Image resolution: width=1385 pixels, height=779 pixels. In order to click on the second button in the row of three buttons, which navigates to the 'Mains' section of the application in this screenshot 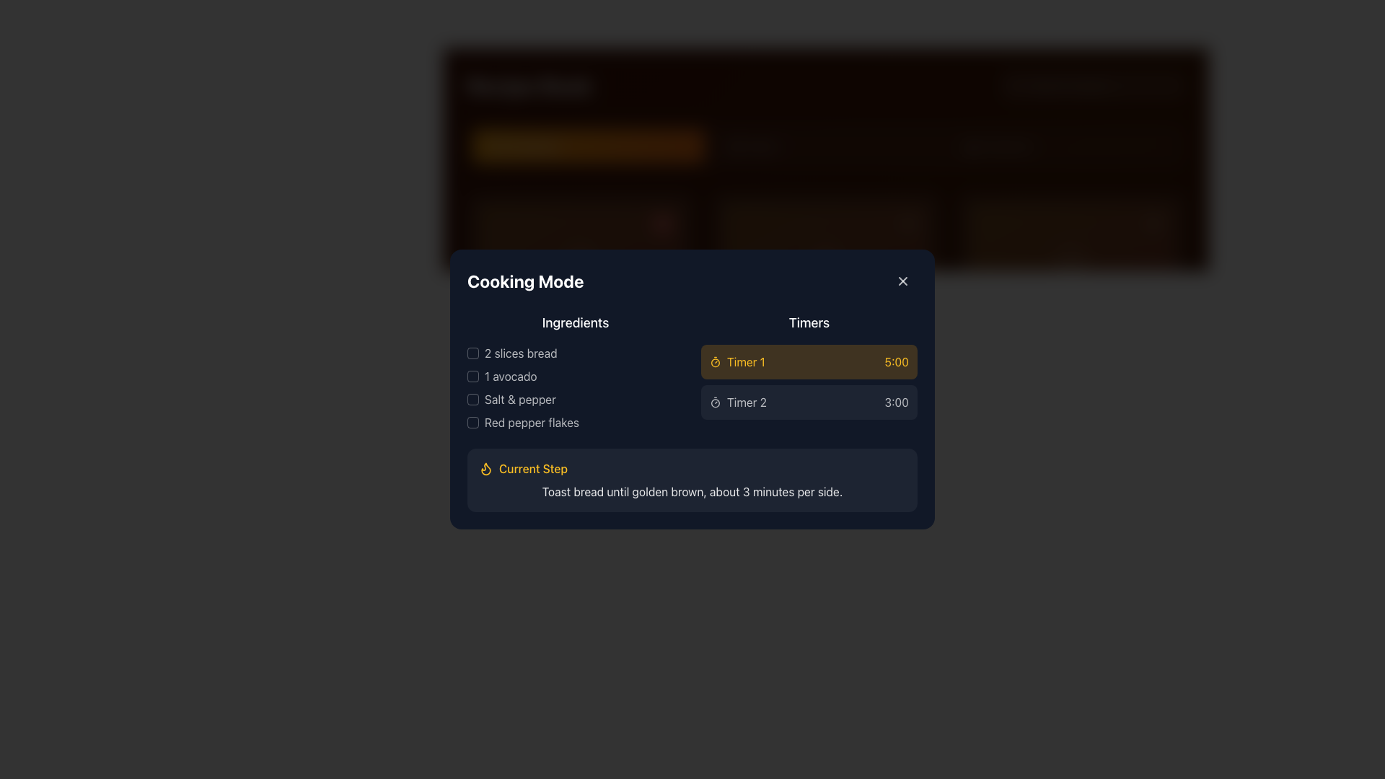, I will do `click(826, 146)`.